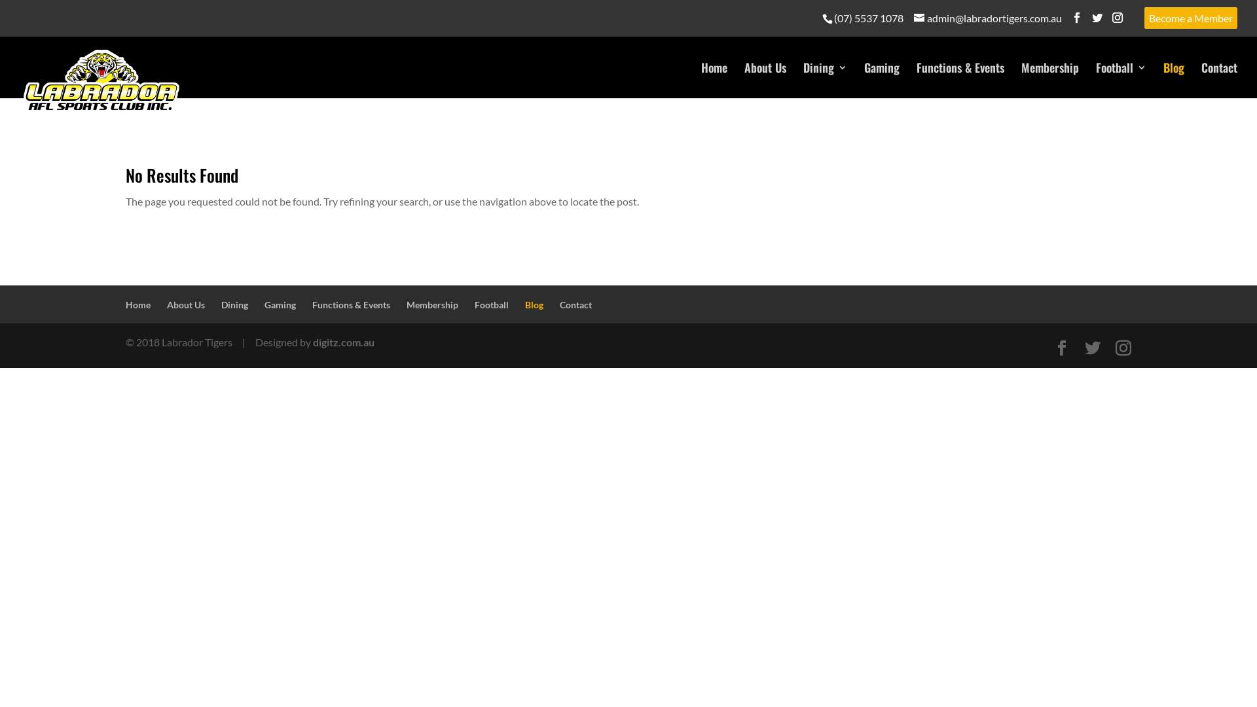  What do you see at coordinates (824, 81) in the screenshot?
I see `'Dining'` at bounding box center [824, 81].